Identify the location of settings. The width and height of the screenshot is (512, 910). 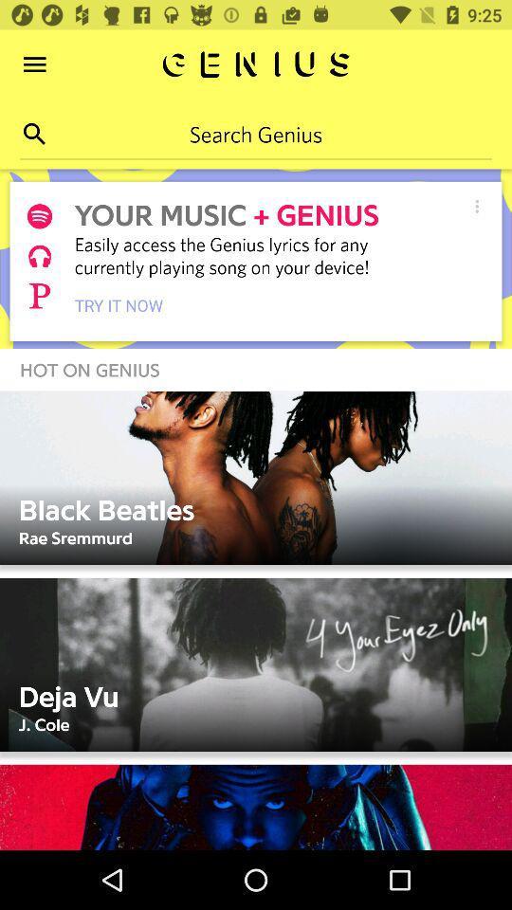
(476, 206).